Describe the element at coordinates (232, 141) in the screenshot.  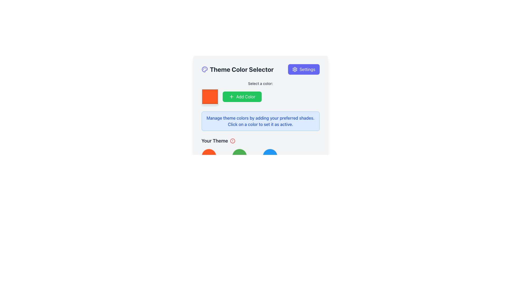
I see `SVG circle graphic that serves as a component of the alert or notification icon for the 'Your Theme' section by performing a click action` at that location.